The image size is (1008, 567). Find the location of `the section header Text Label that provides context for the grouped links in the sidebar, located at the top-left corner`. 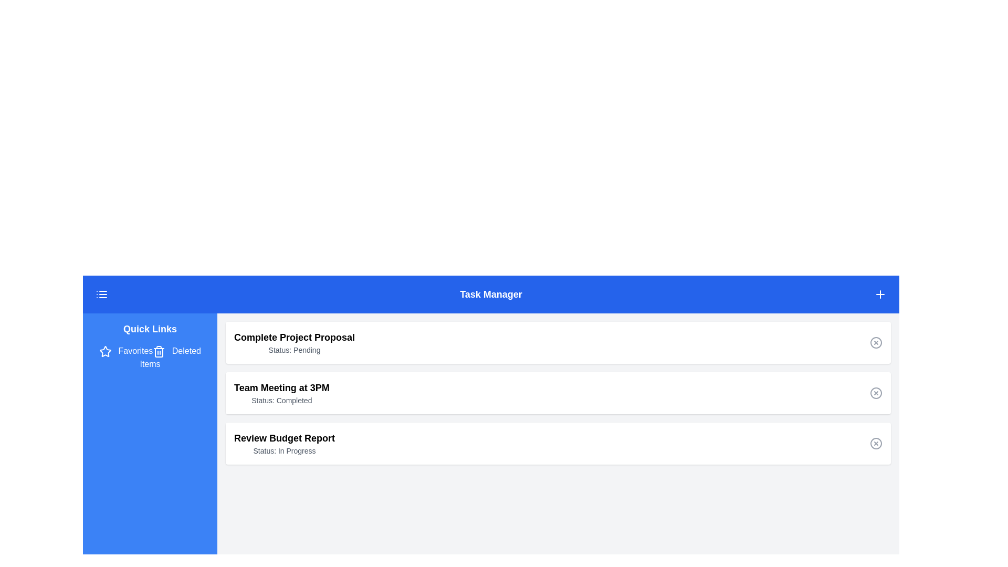

the section header Text Label that provides context for the grouped links in the sidebar, located at the top-left corner is located at coordinates (150, 329).